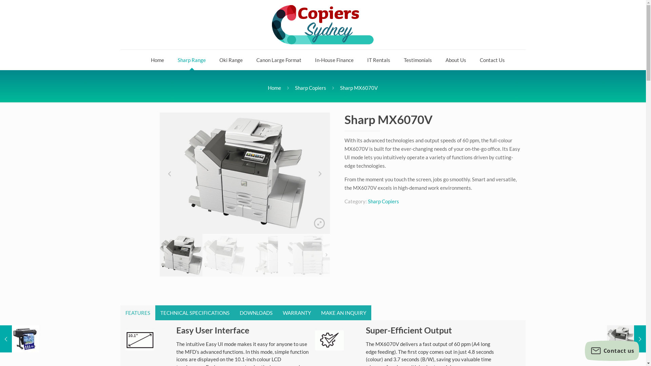 Image resolution: width=651 pixels, height=366 pixels. What do you see at coordinates (195, 313) in the screenshot?
I see `'TECHNICAL SPECIFICATIONS'` at bounding box center [195, 313].